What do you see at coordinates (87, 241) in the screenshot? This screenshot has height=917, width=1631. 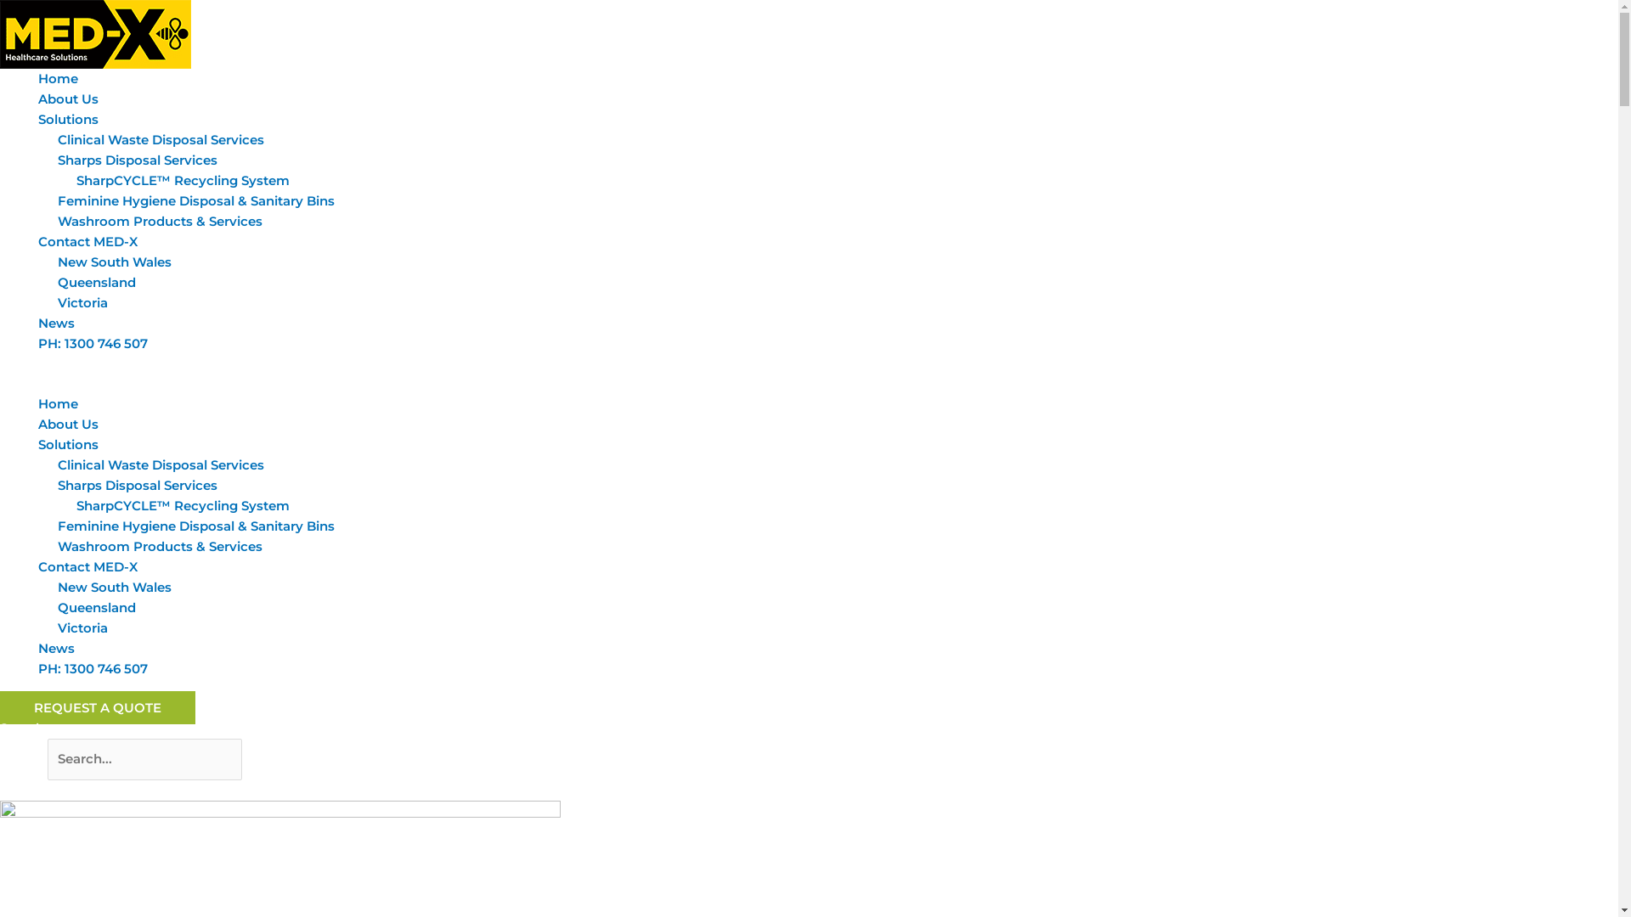 I see `'Contact MED-X'` at bounding box center [87, 241].